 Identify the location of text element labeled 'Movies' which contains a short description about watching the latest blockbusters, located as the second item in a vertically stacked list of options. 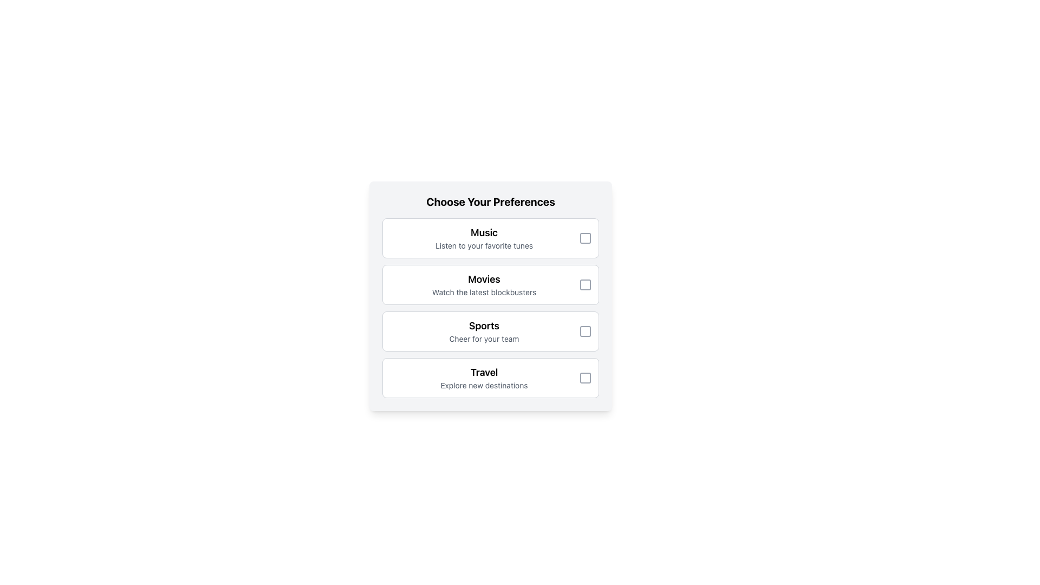
(483, 284).